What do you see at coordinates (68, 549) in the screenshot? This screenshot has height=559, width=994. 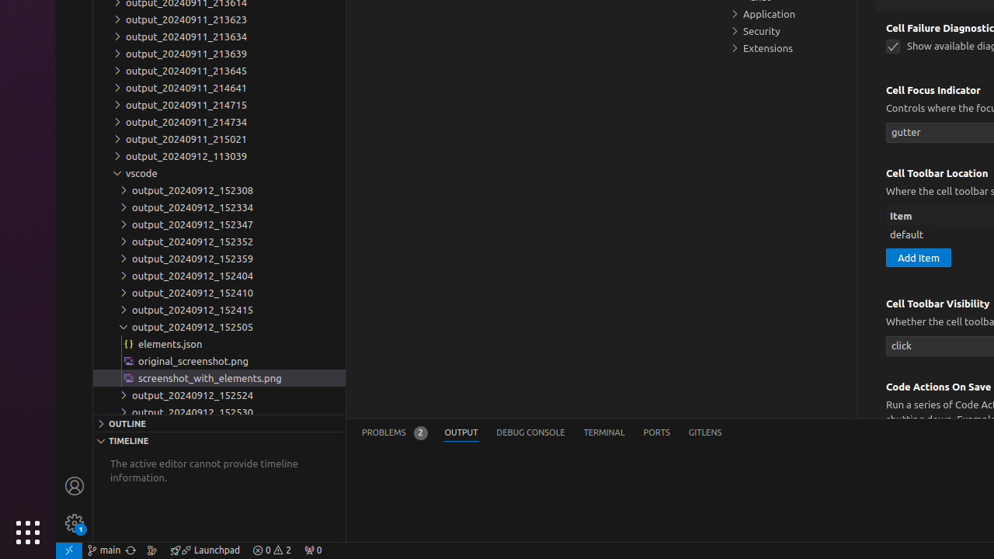 I see `'remote'` at bounding box center [68, 549].